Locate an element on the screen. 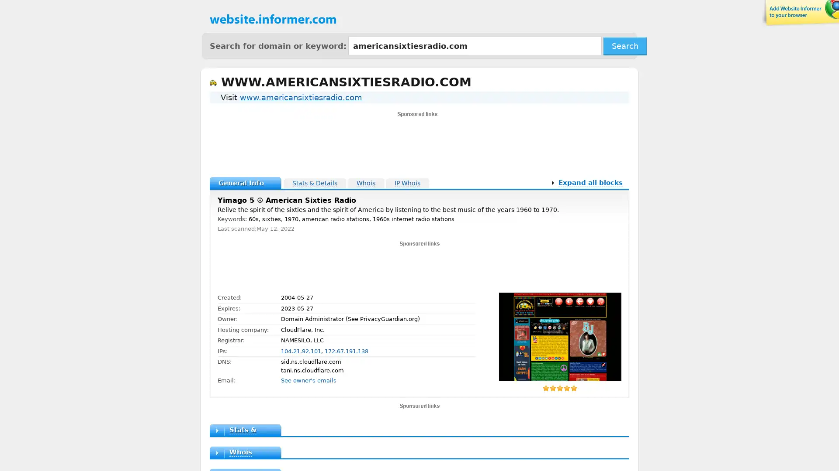 The image size is (839, 471). Search is located at coordinates (624, 45).